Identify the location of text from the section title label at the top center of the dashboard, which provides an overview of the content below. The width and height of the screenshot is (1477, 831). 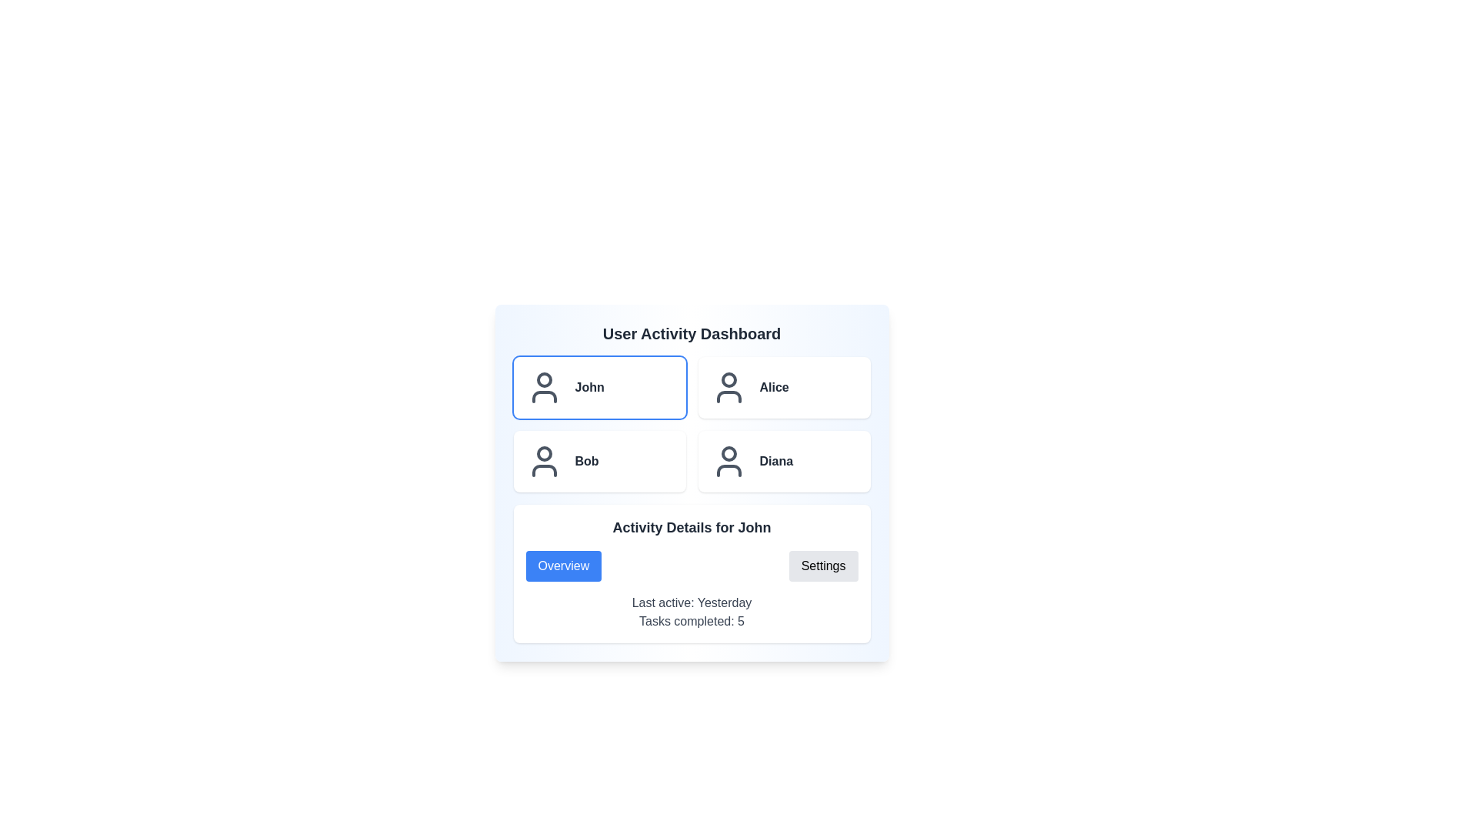
(691, 333).